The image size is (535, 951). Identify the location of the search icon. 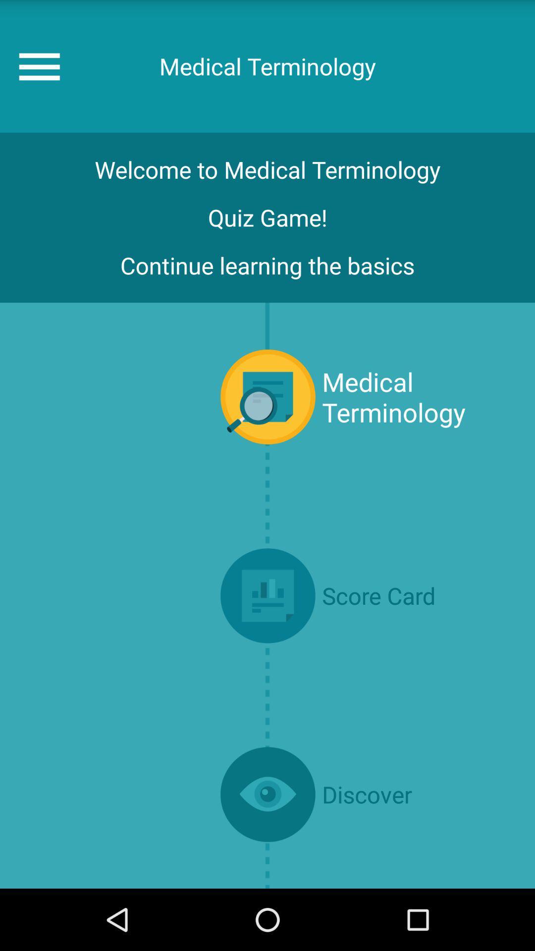
(267, 425).